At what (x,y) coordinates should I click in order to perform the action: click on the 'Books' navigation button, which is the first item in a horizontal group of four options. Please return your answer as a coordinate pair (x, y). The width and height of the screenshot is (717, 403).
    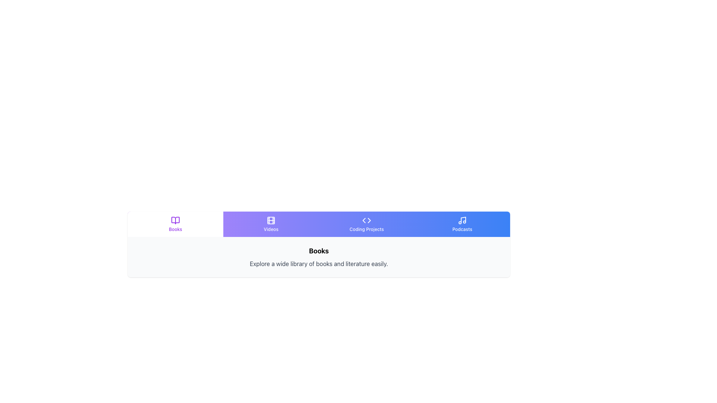
    Looking at the image, I should click on (175, 224).